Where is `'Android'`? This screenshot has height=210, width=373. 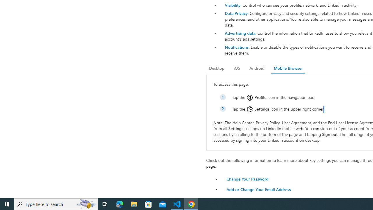 'Android' is located at coordinates (256, 68).